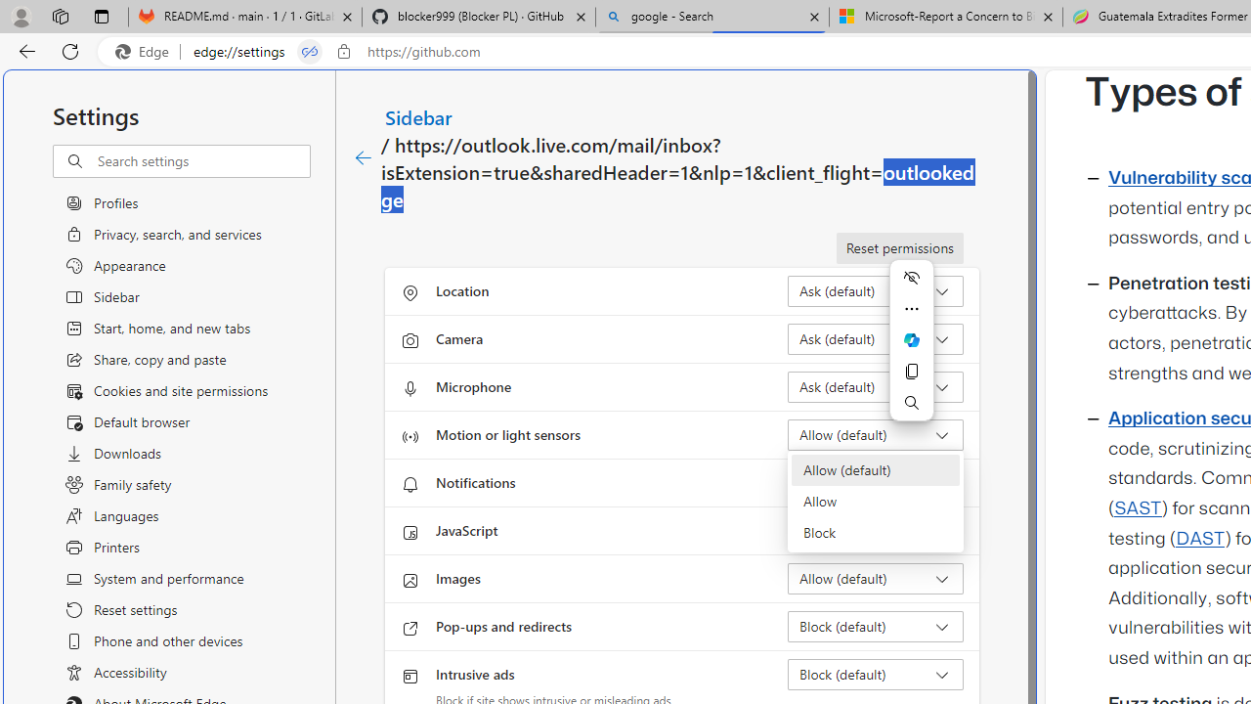  Describe the element at coordinates (911, 401) in the screenshot. I see `'Search'` at that location.